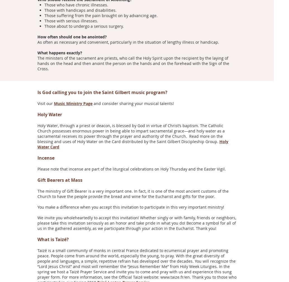 Image resolution: width=289 pixels, height=282 pixels. I want to click on 'and consider sharing your musical talents!', so click(92, 103).